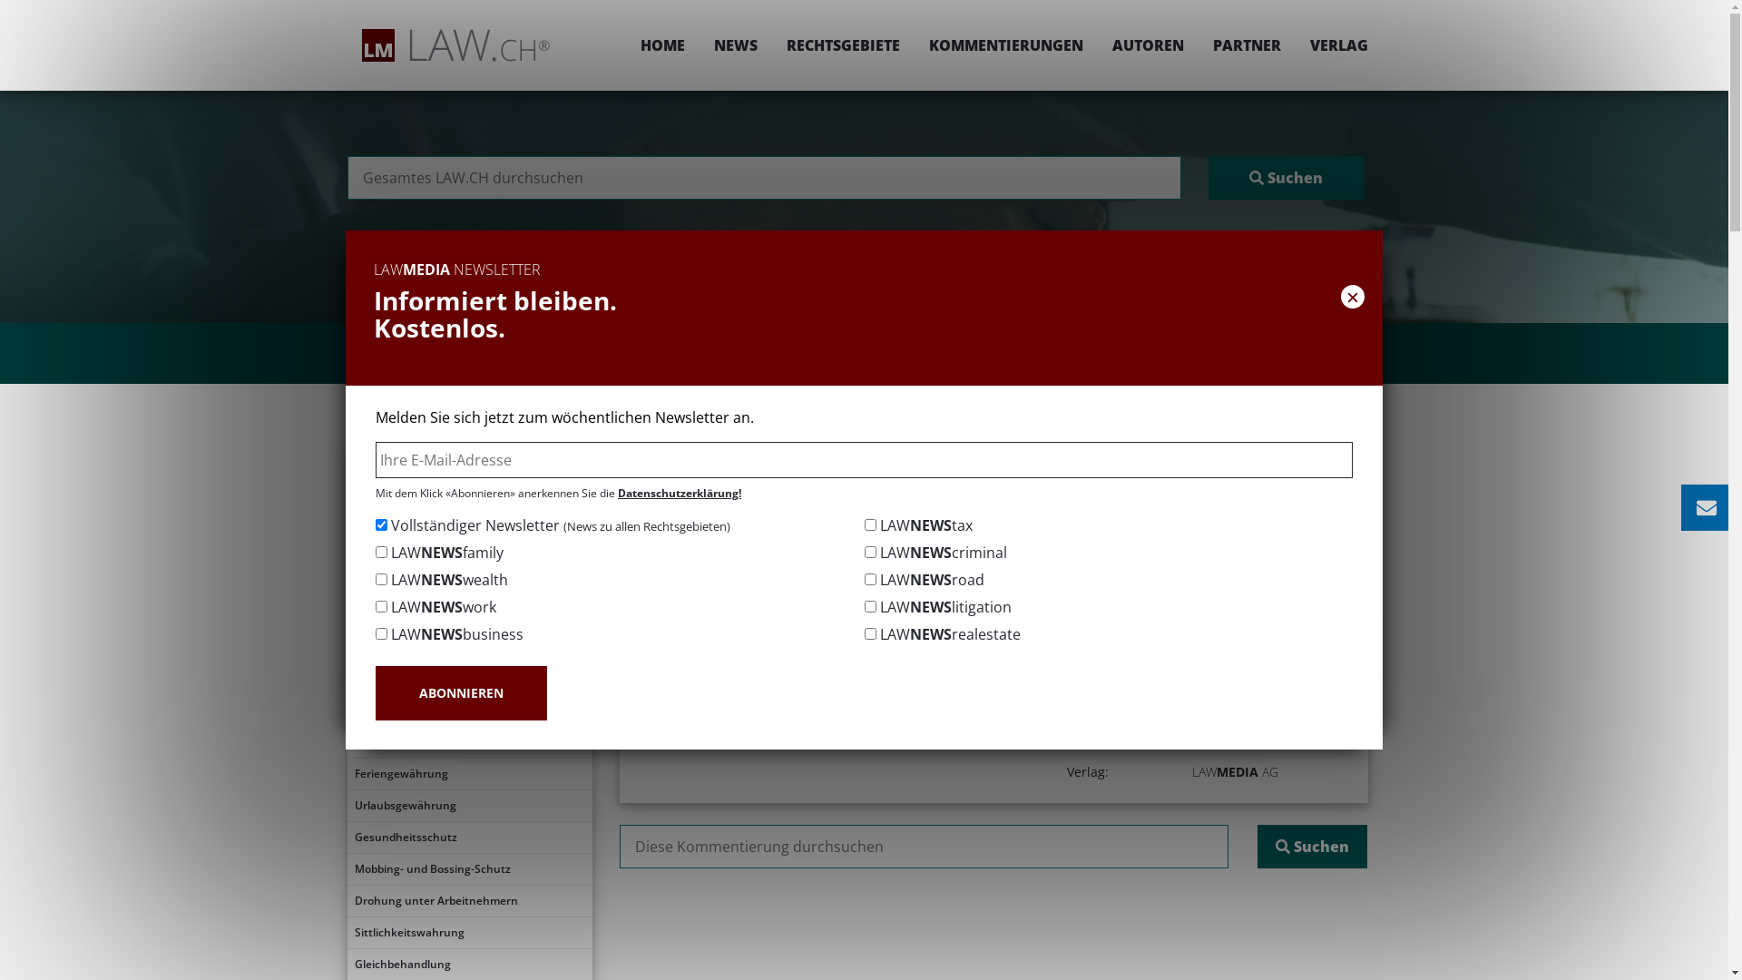 Image resolution: width=1742 pixels, height=980 pixels. Describe the element at coordinates (697, 44) in the screenshot. I see `'NEWS'` at that location.